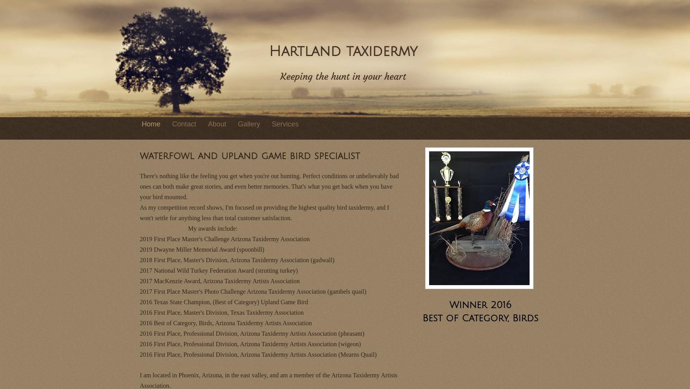 The width and height of the screenshot is (690, 389). I want to click on '2016 First Place, Professional Division, Arizona Taxidermy Artists Association (pheasant)', so click(140, 333).